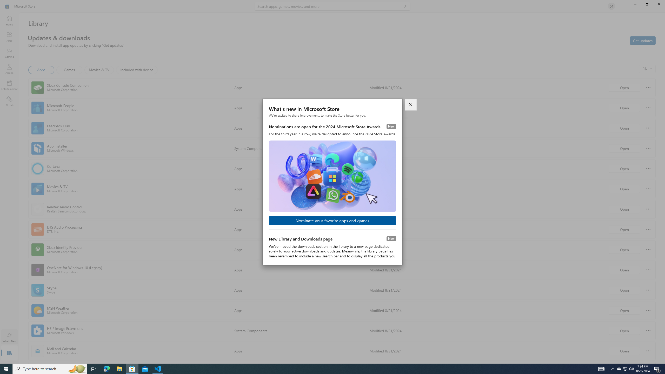  Describe the element at coordinates (659, 4) in the screenshot. I see `'Close Microsoft Store'` at that location.